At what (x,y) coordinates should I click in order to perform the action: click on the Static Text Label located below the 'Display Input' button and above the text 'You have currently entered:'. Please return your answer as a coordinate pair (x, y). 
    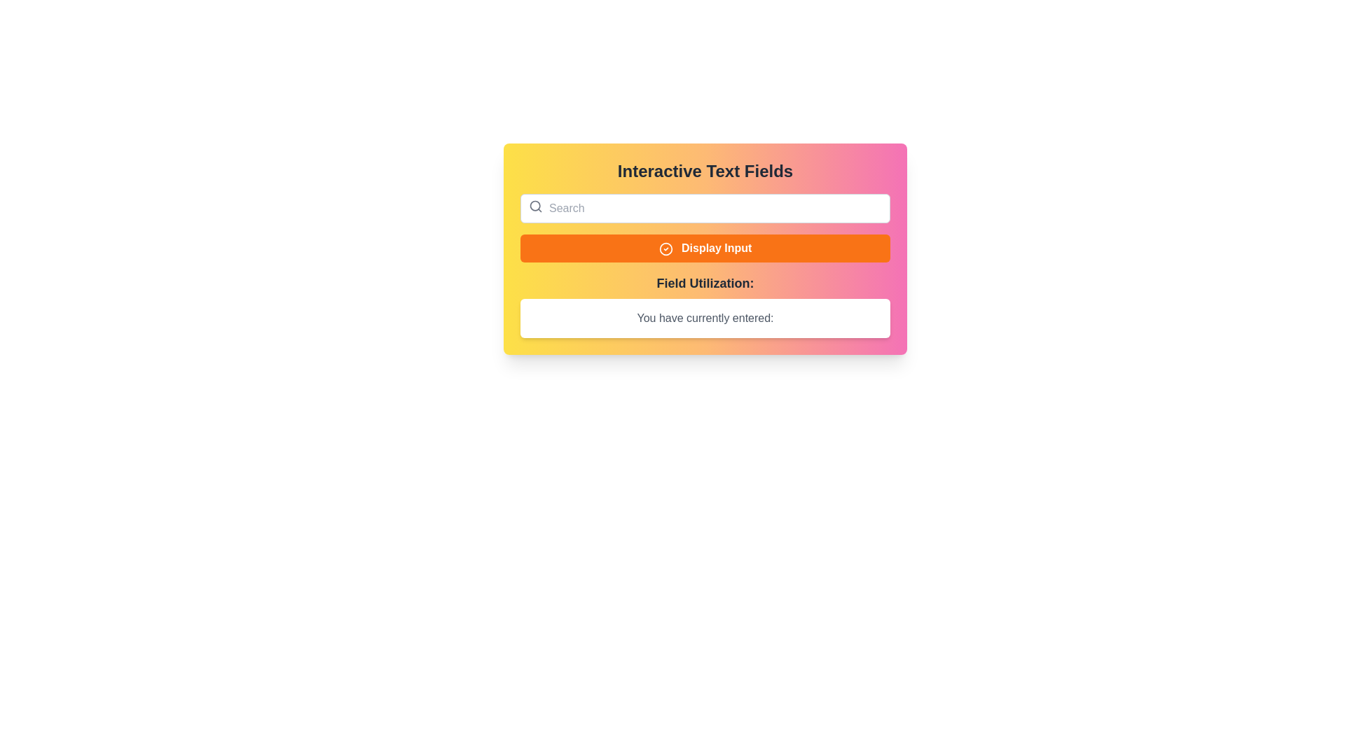
    Looking at the image, I should click on (705, 283).